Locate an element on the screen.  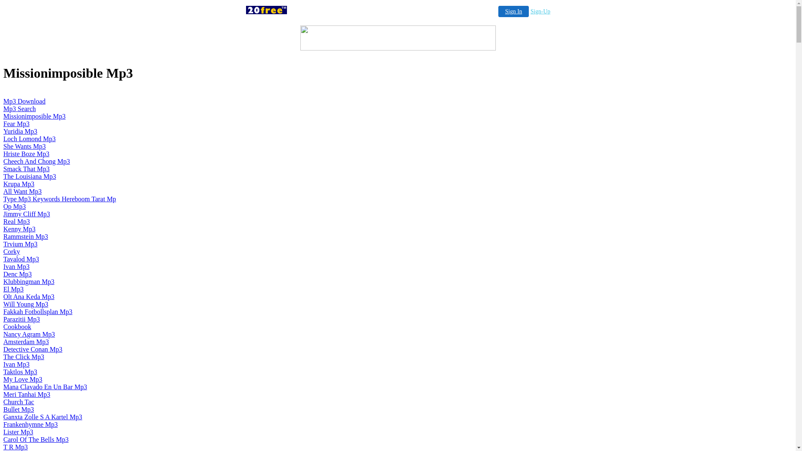
'El Mp3' is located at coordinates (13, 289).